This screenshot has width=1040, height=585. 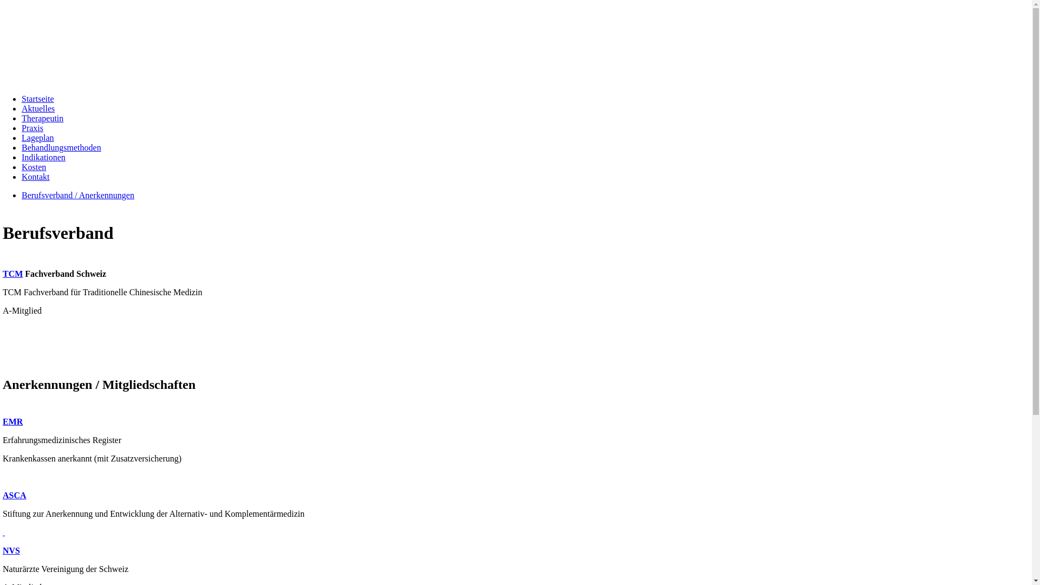 What do you see at coordinates (15, 495) in the screenshot?
I see `'ASCA'` at bounding box center [15, 495].